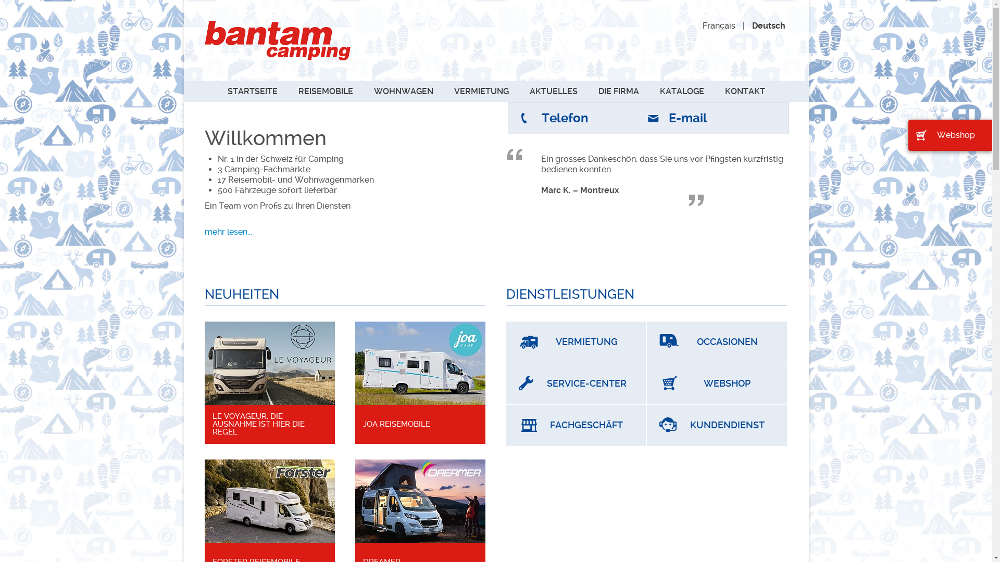 The image size is (1000, 562). I want to click on 'WOHNWAGEN', so click(403, 91).